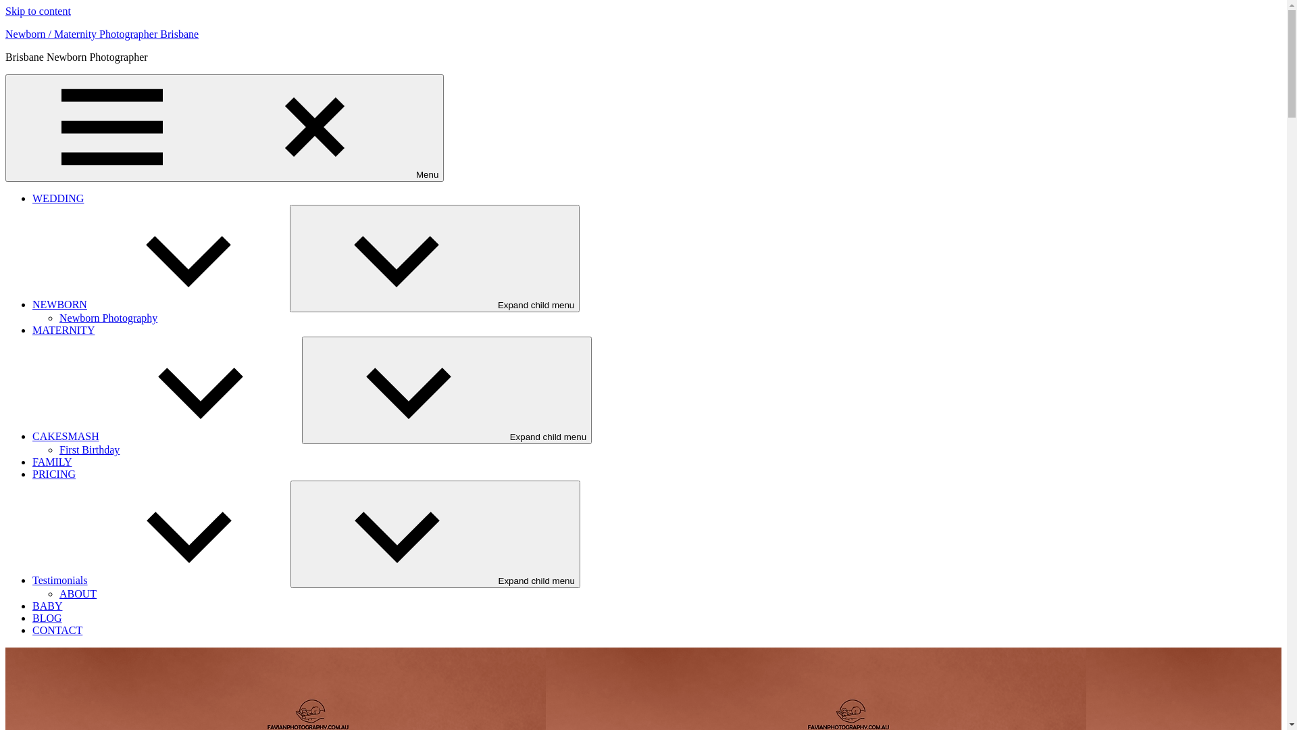 The width and height of the screenshot is (1297, 730). Describe the element at coordinates (447, 390) in the screenshot. I see `'Expand child menu'` at that location.